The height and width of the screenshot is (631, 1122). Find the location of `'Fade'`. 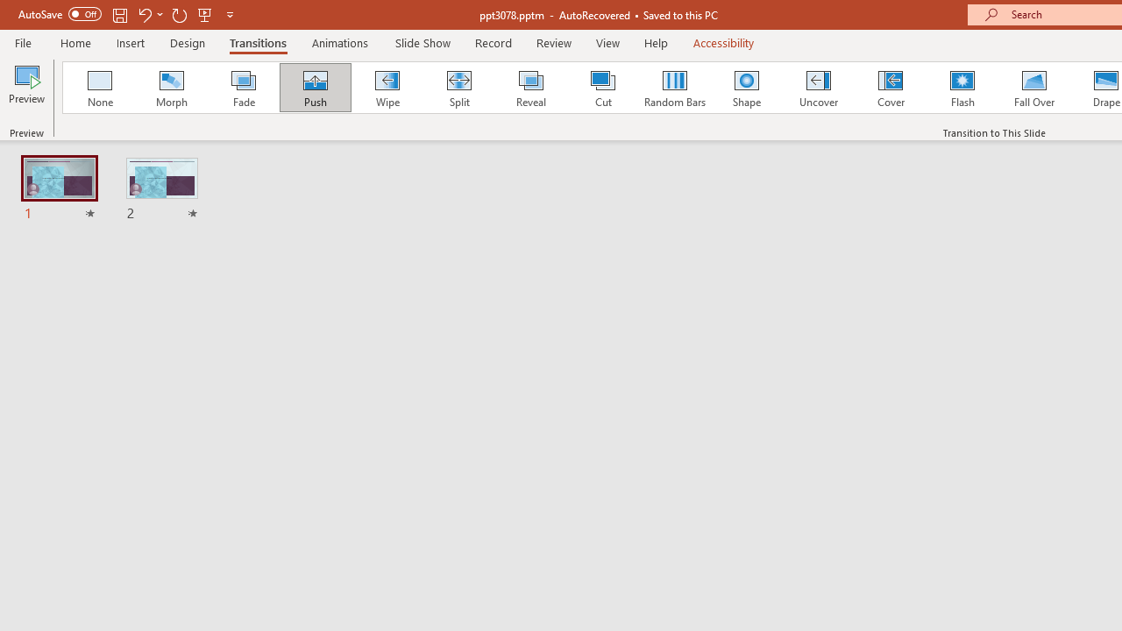

'Fade' is located at coordinates (242, 88).